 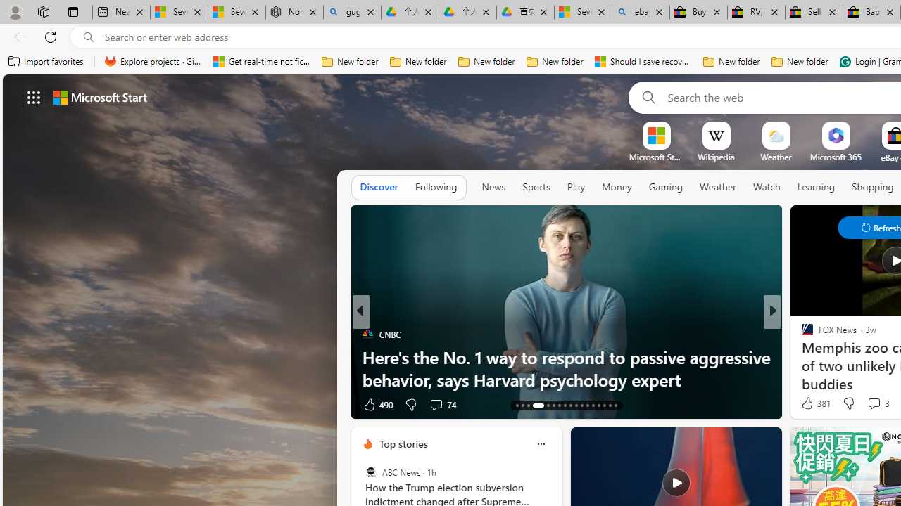 I want to click on 'AutomationID: tab-26', so click(x=598, y=406).